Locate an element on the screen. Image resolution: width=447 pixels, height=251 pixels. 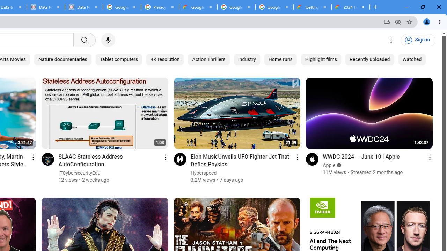
'Install YouTube' is located at coordinates (386, 21).